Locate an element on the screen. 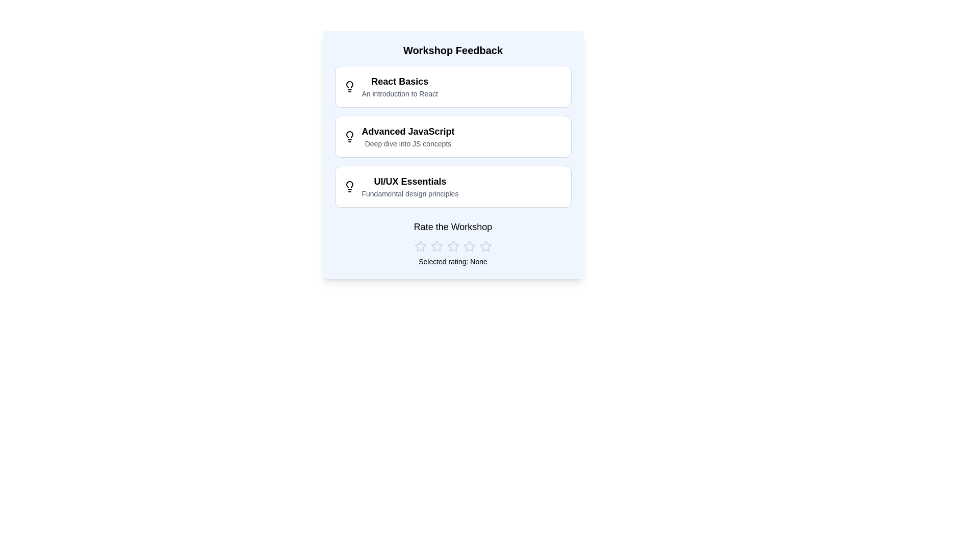 Image resolution: width=979 pixels, height=551 pixels. the descriptive subtitle element located directly below the 'React Basics' title within the workshop card is located at coordinates (399, 94).